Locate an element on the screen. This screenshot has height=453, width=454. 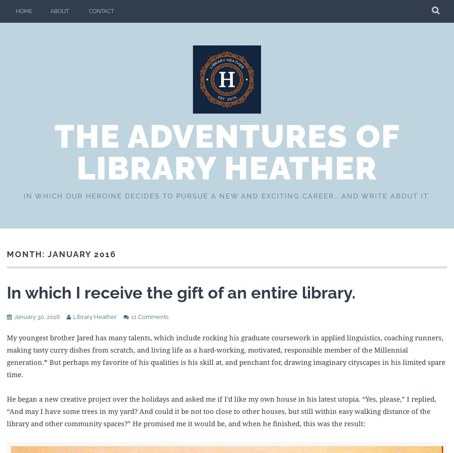
'The Adventures of Library Heather' is located at coordinates (226, 151).